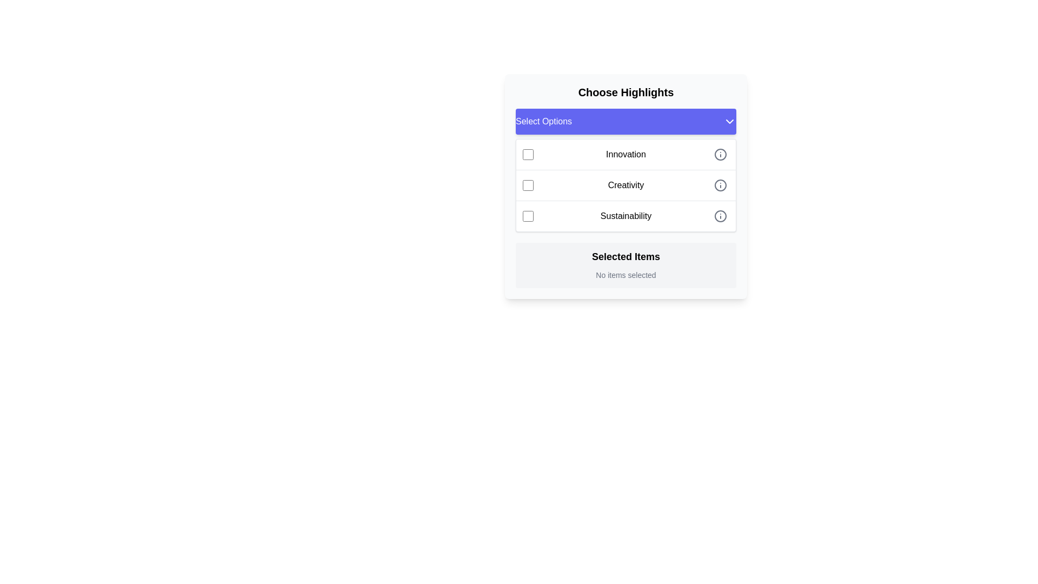 The width and height of the screenshot is (1038, 584). What do you see at coordinates (626, 185) in the screenshot?
I see `tab navigation` at bounding box center [626, 185].